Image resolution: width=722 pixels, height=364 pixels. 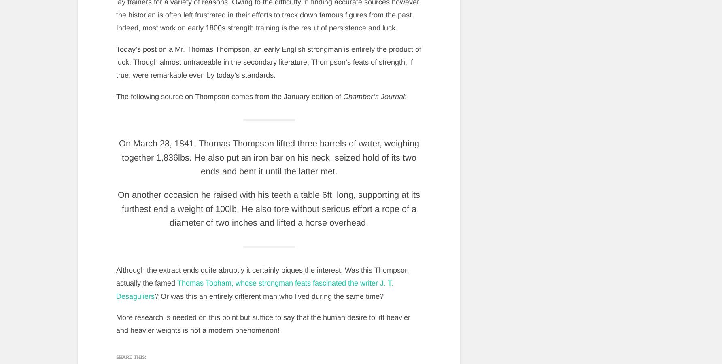 I want to click on '? Or was this an entirely different man who lived during the same time?', so click(x=268, y=295).